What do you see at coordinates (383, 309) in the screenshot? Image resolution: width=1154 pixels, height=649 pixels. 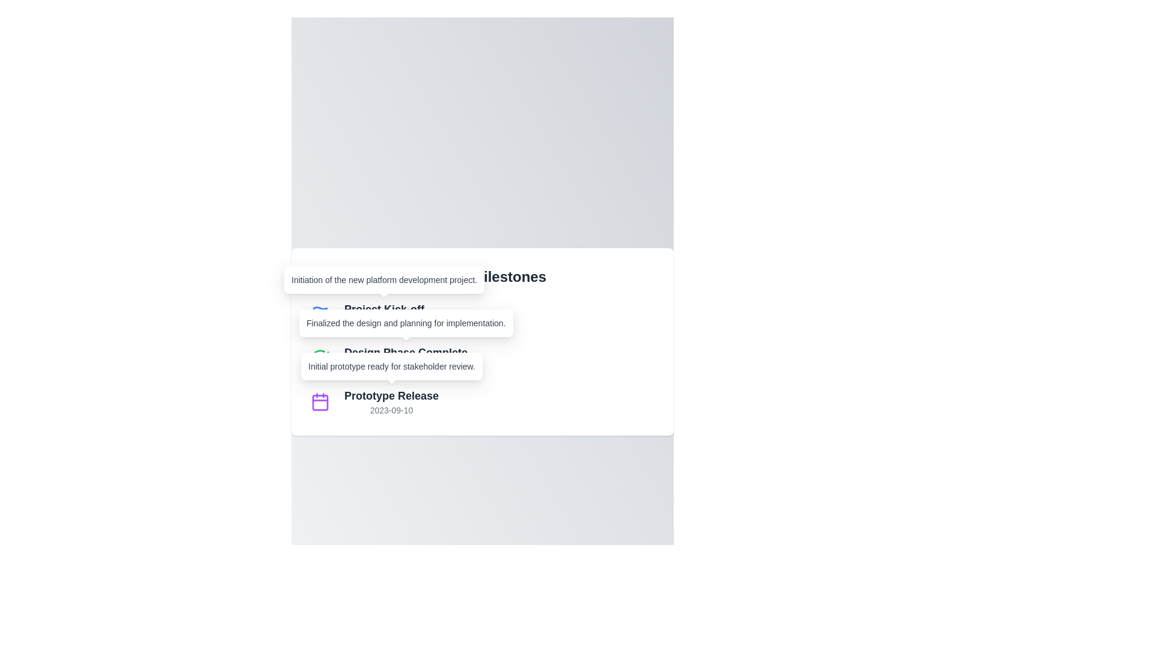 I see `the bold, dark gray text label reading 'Project Kick-off', which is the first milestone in the milestones section` at bounding box center [383, 309].